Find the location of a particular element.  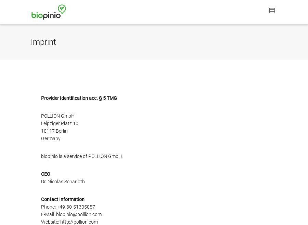

'Provider Identification acc. § 5 TMG' is located at coordinates (79, 98).